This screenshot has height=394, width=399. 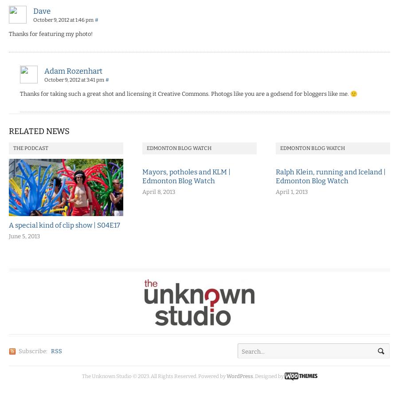 I want to click on '. Designed by', so click(x=268, y=375).